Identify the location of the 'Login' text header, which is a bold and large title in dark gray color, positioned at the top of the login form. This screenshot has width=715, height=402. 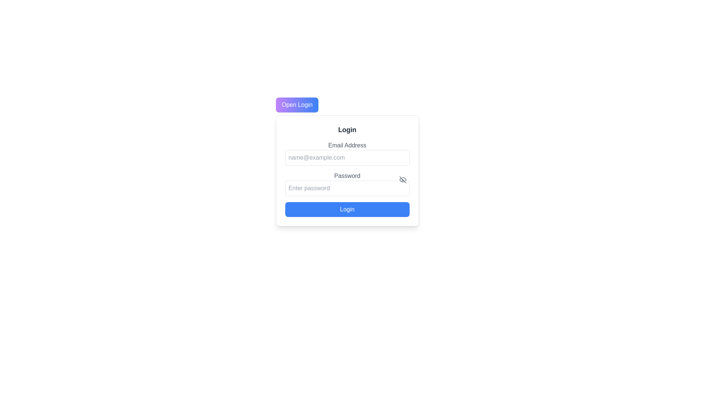
(347, 129).